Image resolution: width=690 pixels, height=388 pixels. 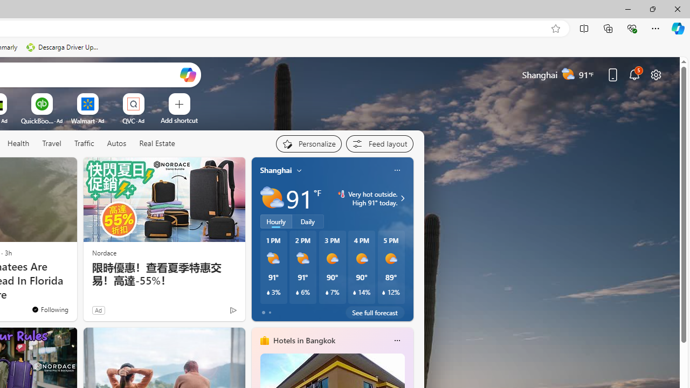 What do you see at coordinates (179, 120) in the screenshot?
I see `'Add a site'` at bounding box center [179, 120].